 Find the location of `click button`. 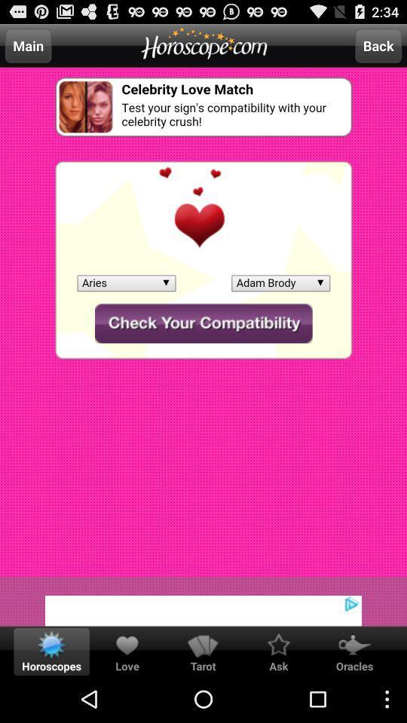

click button is located at coordinates (203, 601).